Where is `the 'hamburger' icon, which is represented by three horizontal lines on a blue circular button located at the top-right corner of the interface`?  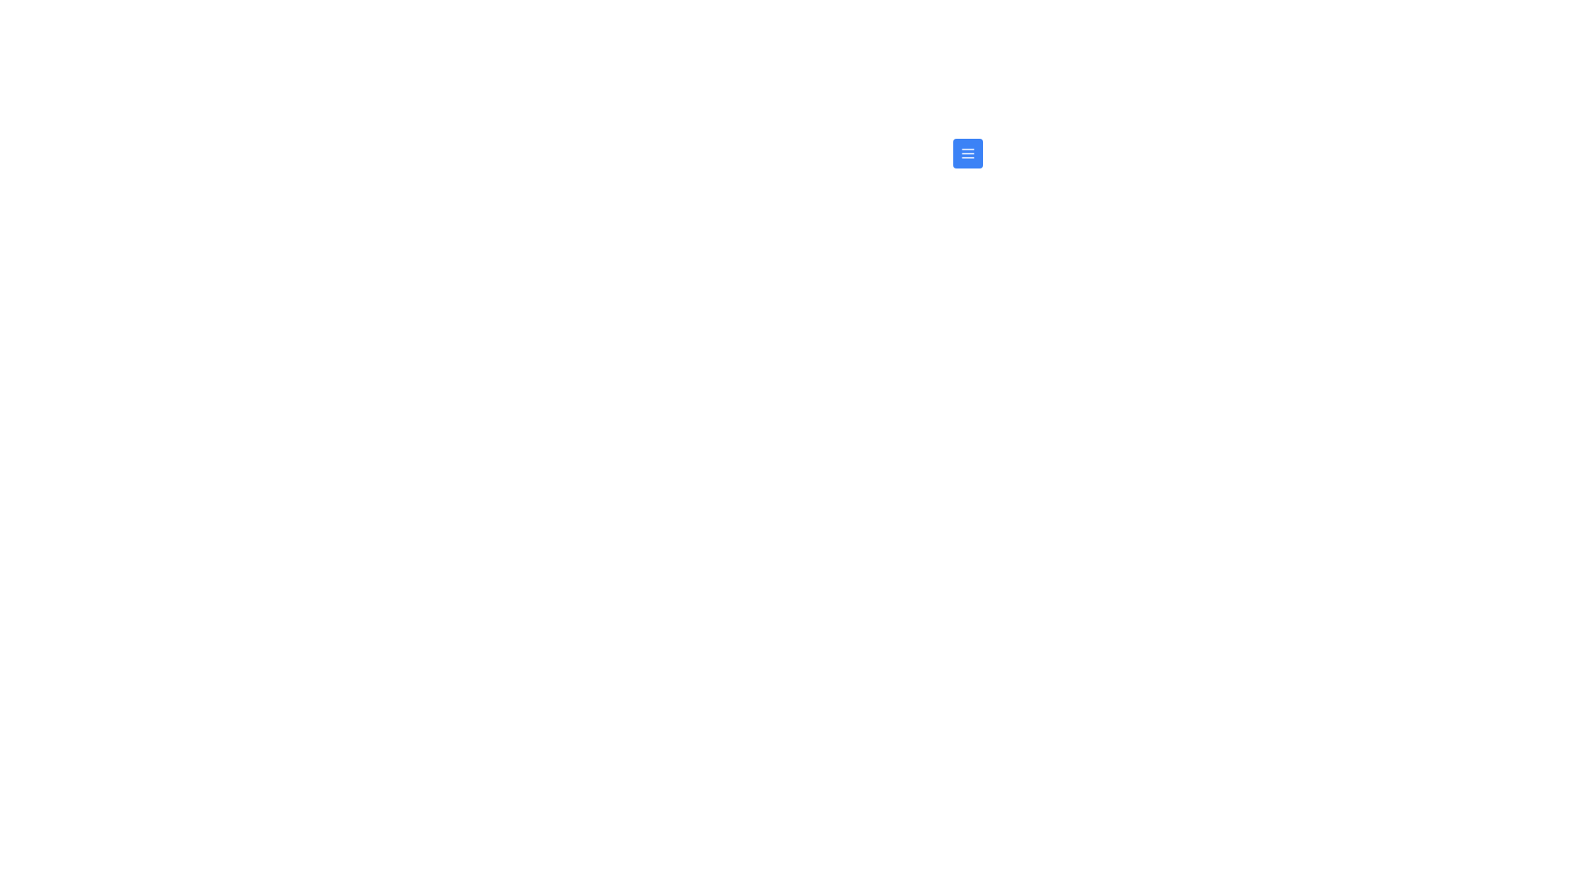
the 'hamburger' icon, which is represented by three horizontal lines on a blue circular button located at the top-right corner of the interface is located at coordinates (967, 153).